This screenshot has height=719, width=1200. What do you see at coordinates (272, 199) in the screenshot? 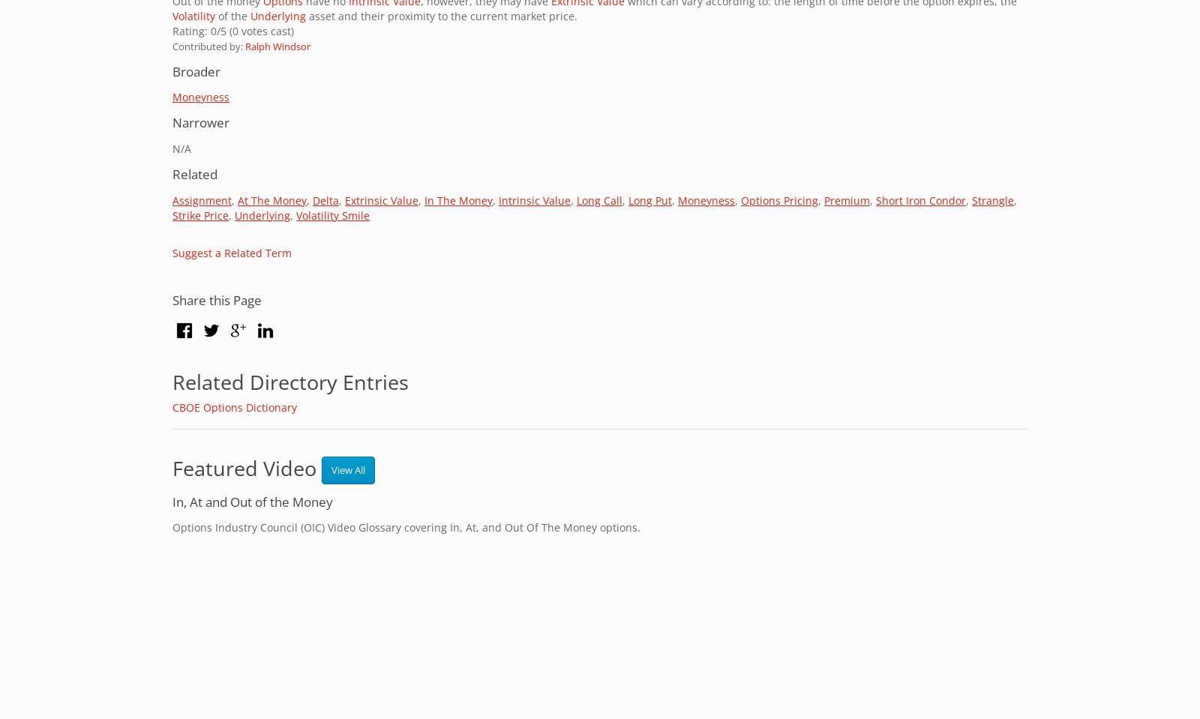
I see `'At The Money'` at bounding box center [272, 199].